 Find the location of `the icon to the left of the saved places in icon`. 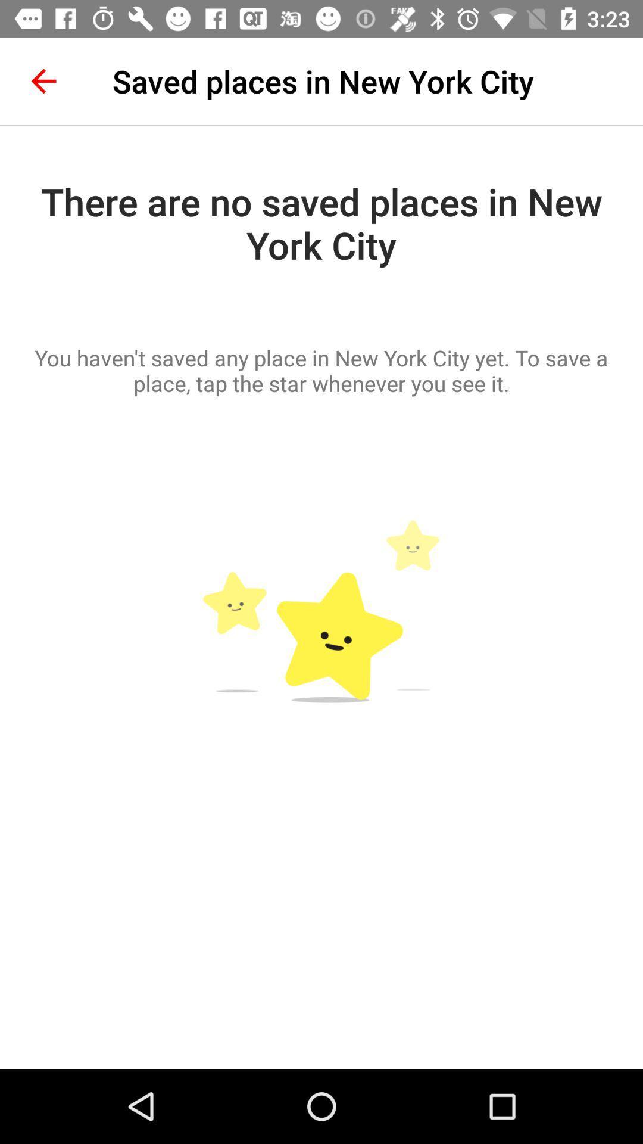

the icon to the left of the saved places in icon is located at coordinates (43, 80).